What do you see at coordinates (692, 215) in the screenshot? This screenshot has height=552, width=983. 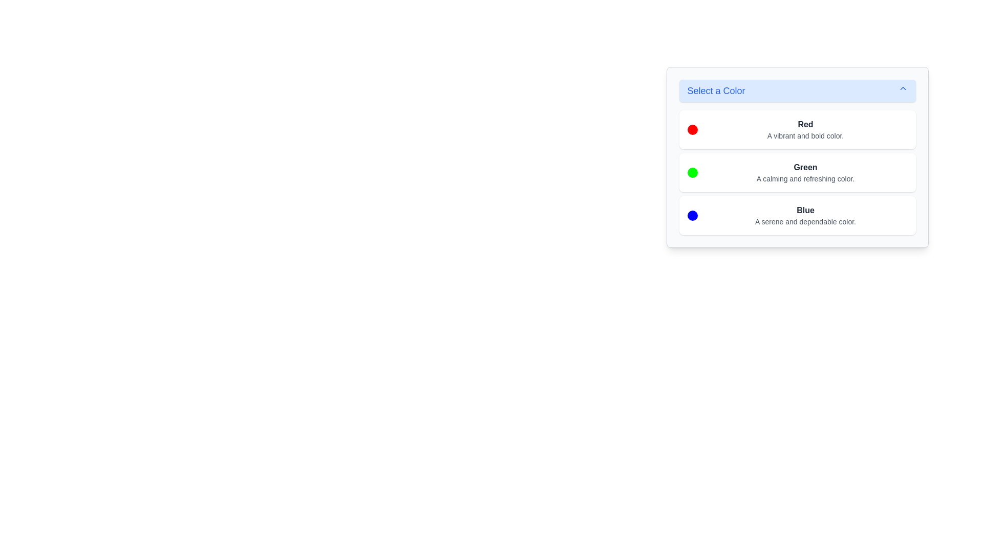 I see `the blue circular visual marker located on the left side of the list item containing the text 'Blue' and the description 'A serene and dependable color'` at bounding box center [692, 215].